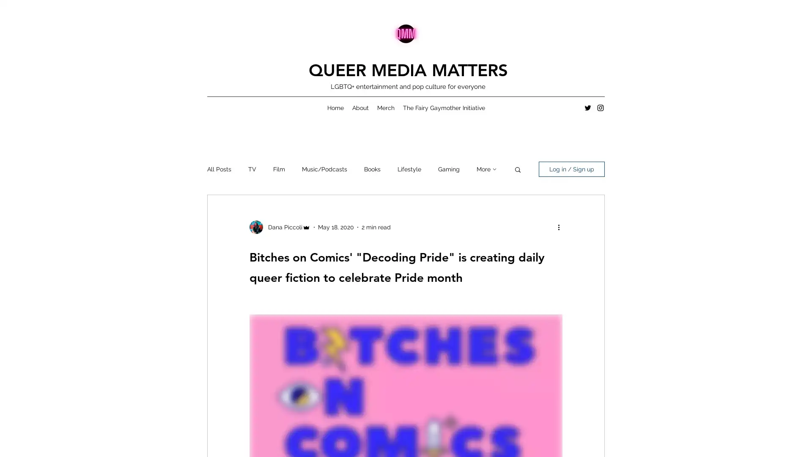  What do you see at coordinates (448, 169) in the screenshot?
I see `Gaming` at bounding box center [448, 169].